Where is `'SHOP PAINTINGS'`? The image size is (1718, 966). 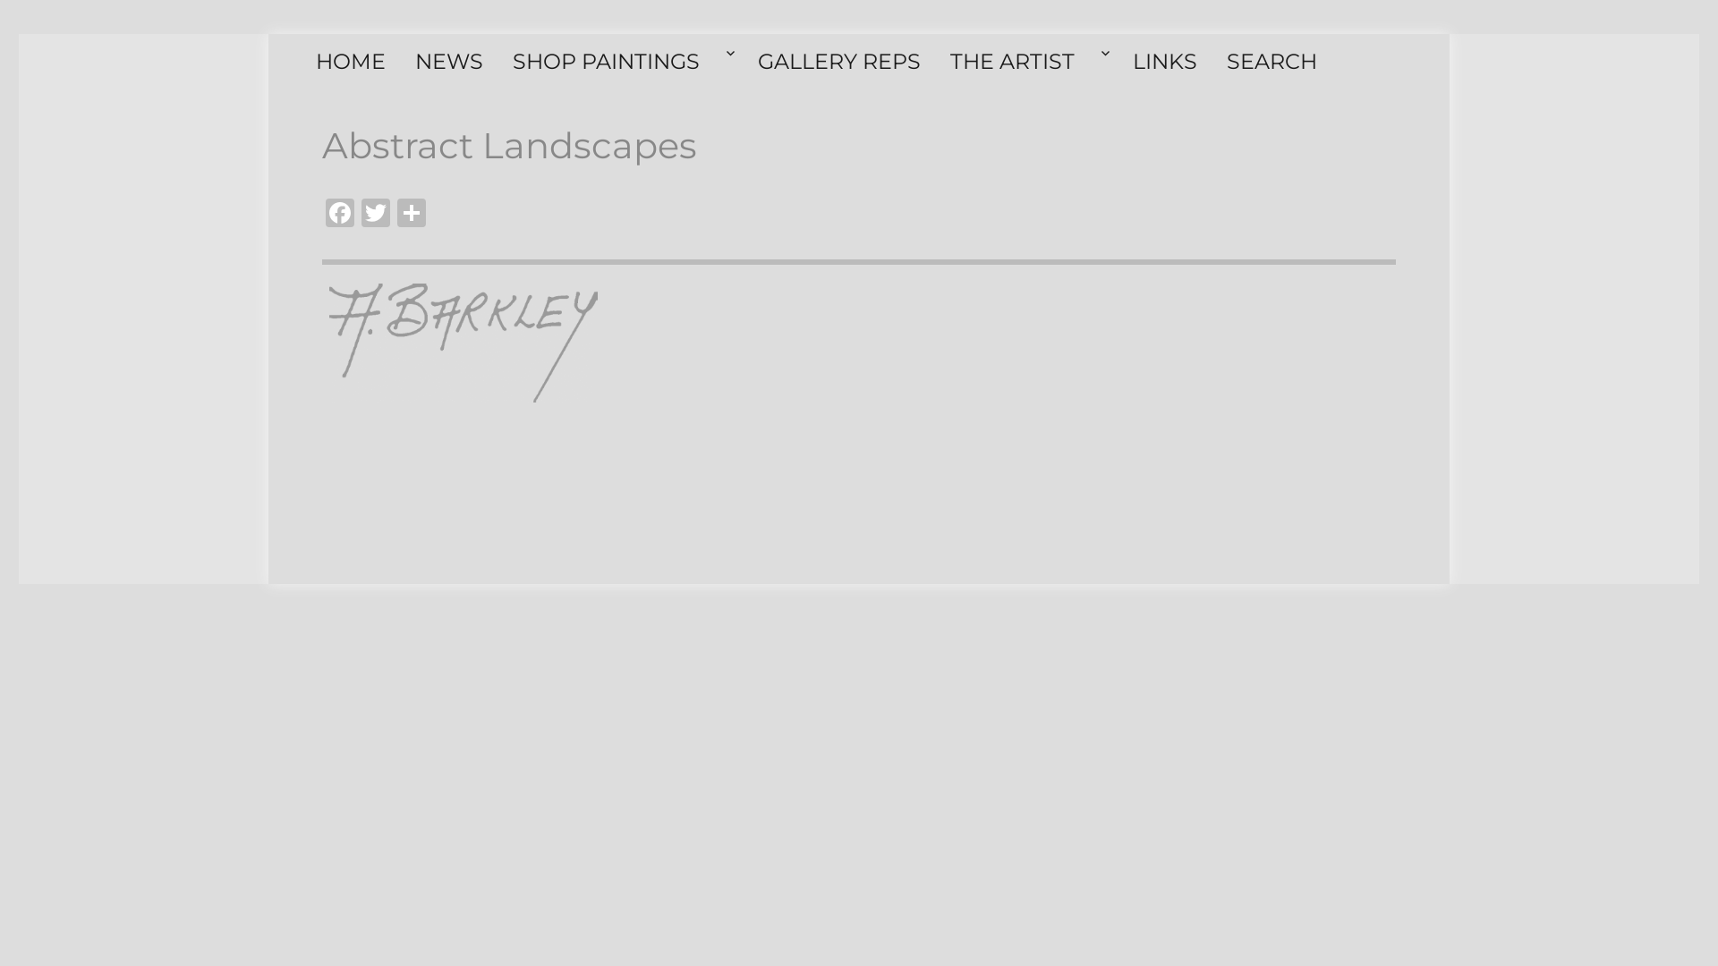 'SHOP PAINTINGS' is located at coordinates (624, 61).